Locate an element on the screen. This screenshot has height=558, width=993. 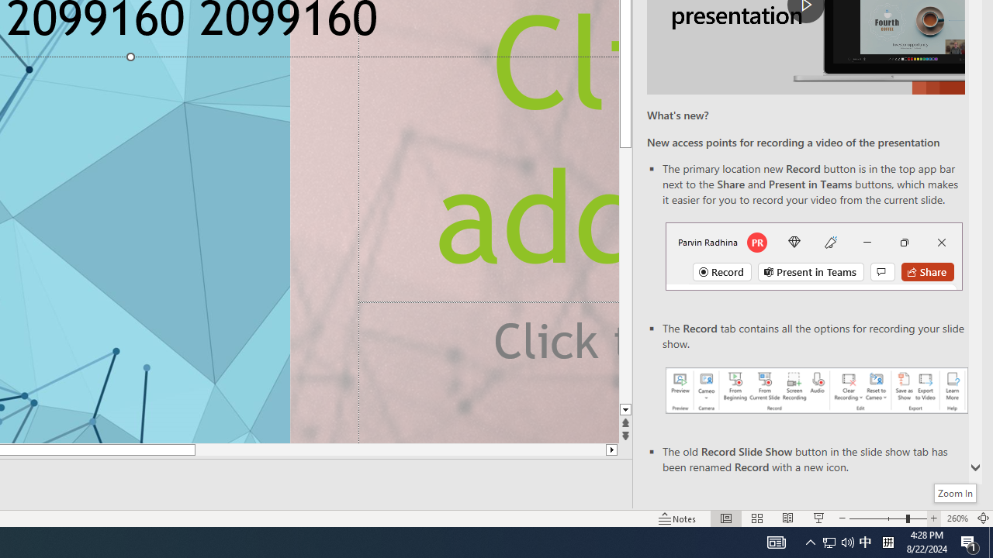
'Reading View' is located at coordinates (787, 518).